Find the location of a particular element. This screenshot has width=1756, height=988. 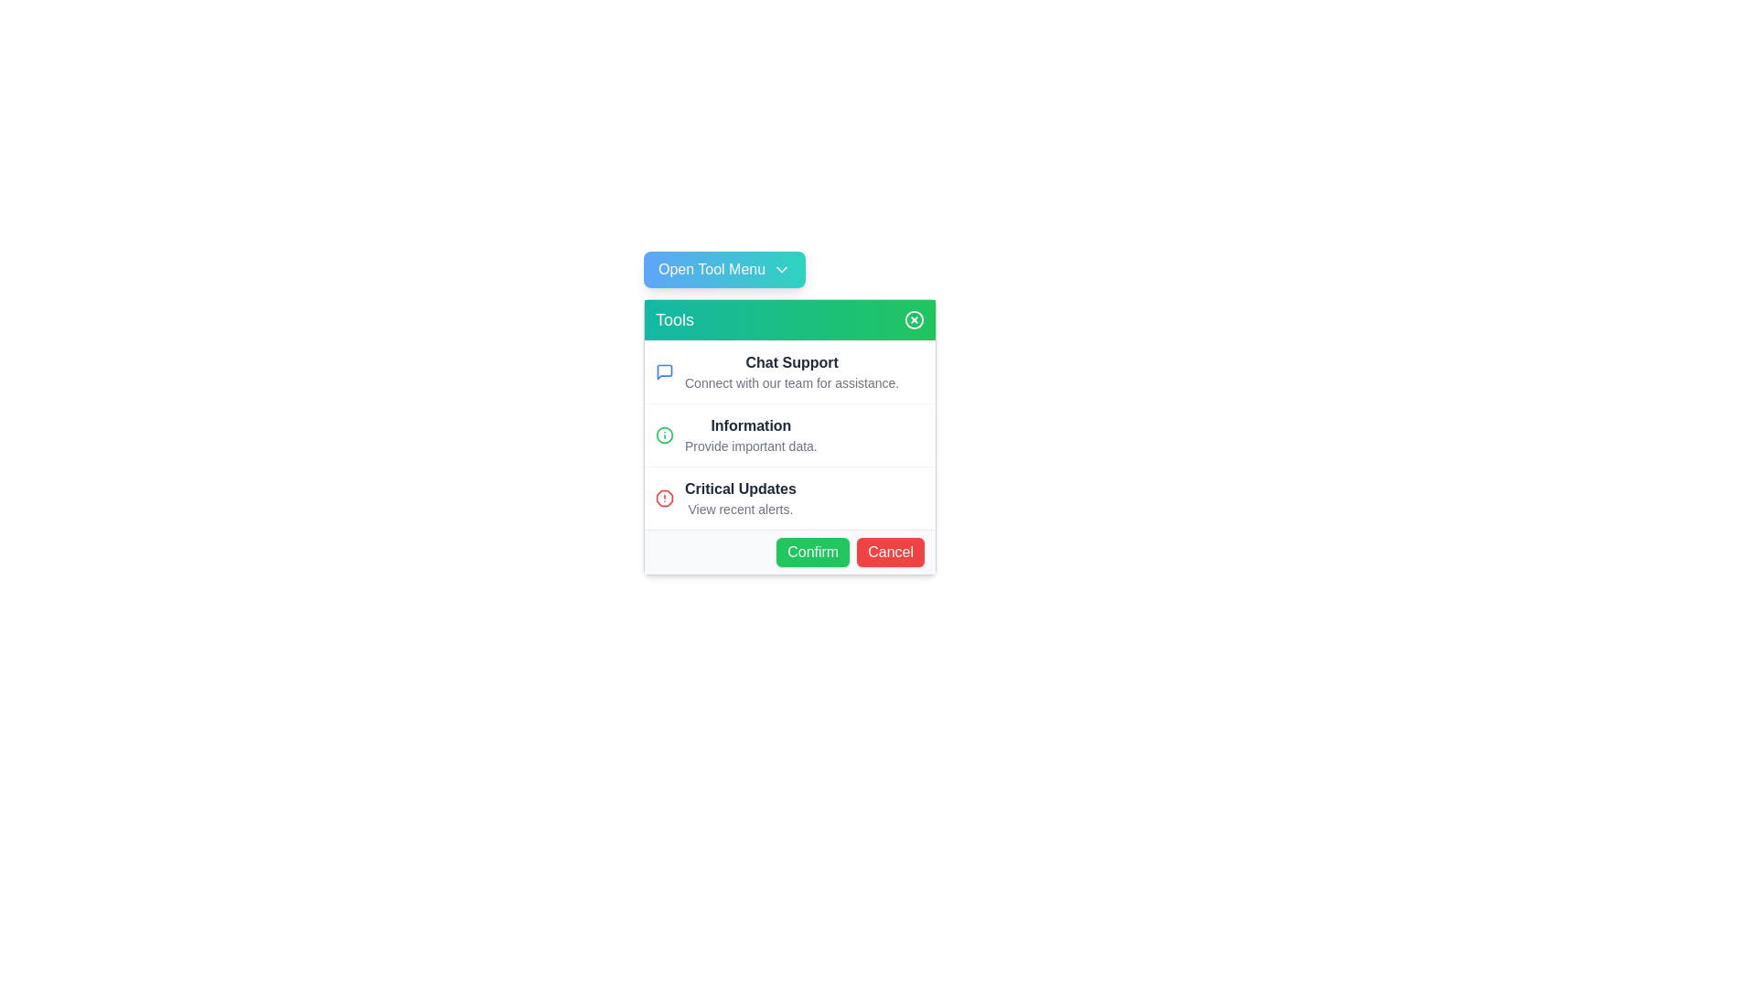

the chevron icon located at the far right side of the 'Open Tool Menu' button, which signifies additional options or dropdown menu functionality is located at coordinates (782, 269).